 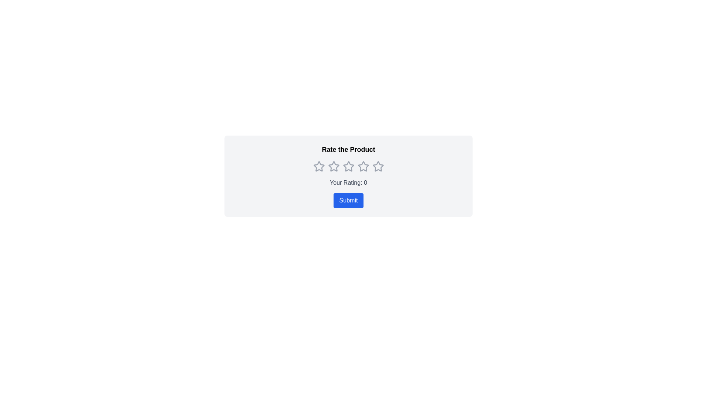 I want to click on the second star in the rating system beneath the 'Rate the Product' heading to rate the product, so click(x=333, y=167).